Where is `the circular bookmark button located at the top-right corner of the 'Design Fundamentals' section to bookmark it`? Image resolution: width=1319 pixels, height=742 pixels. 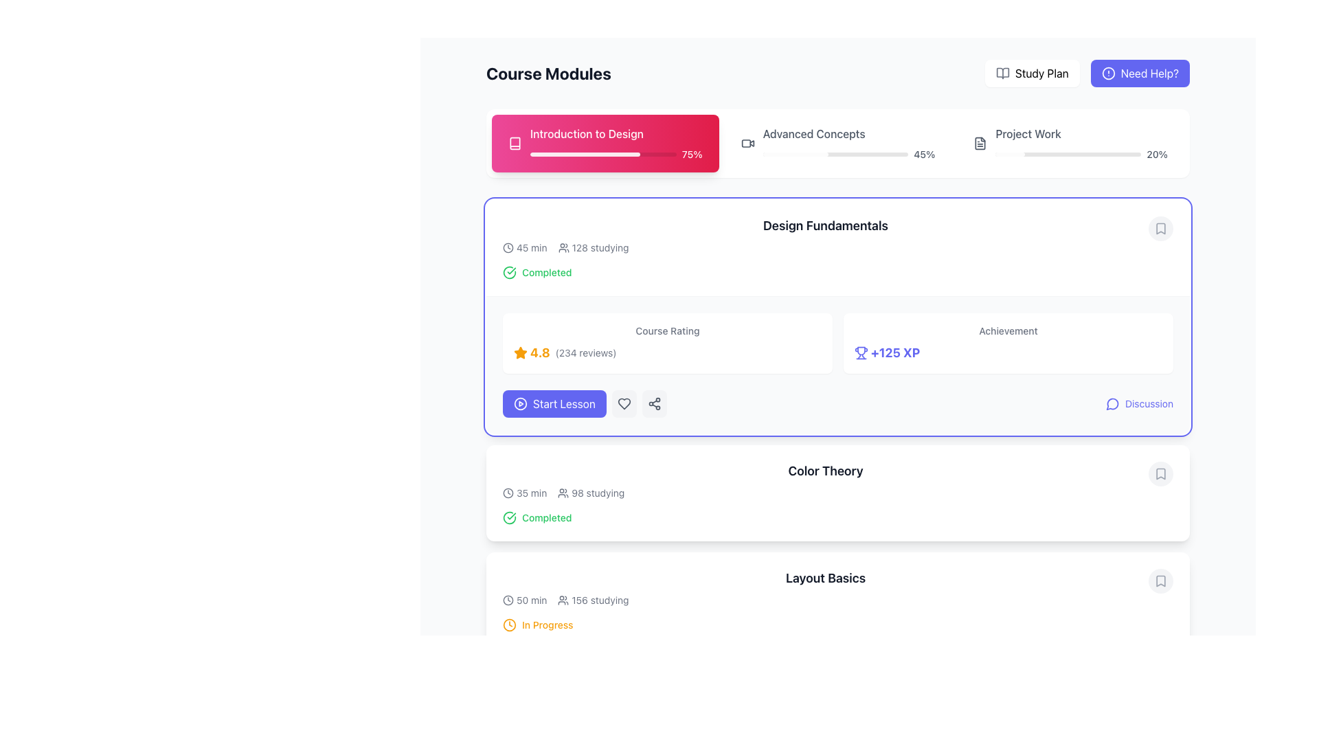
the circular bookmark button located at the top-right corner of the 'Design Fundamentals' section to bookmark it is located at coordinates (1160, 227).